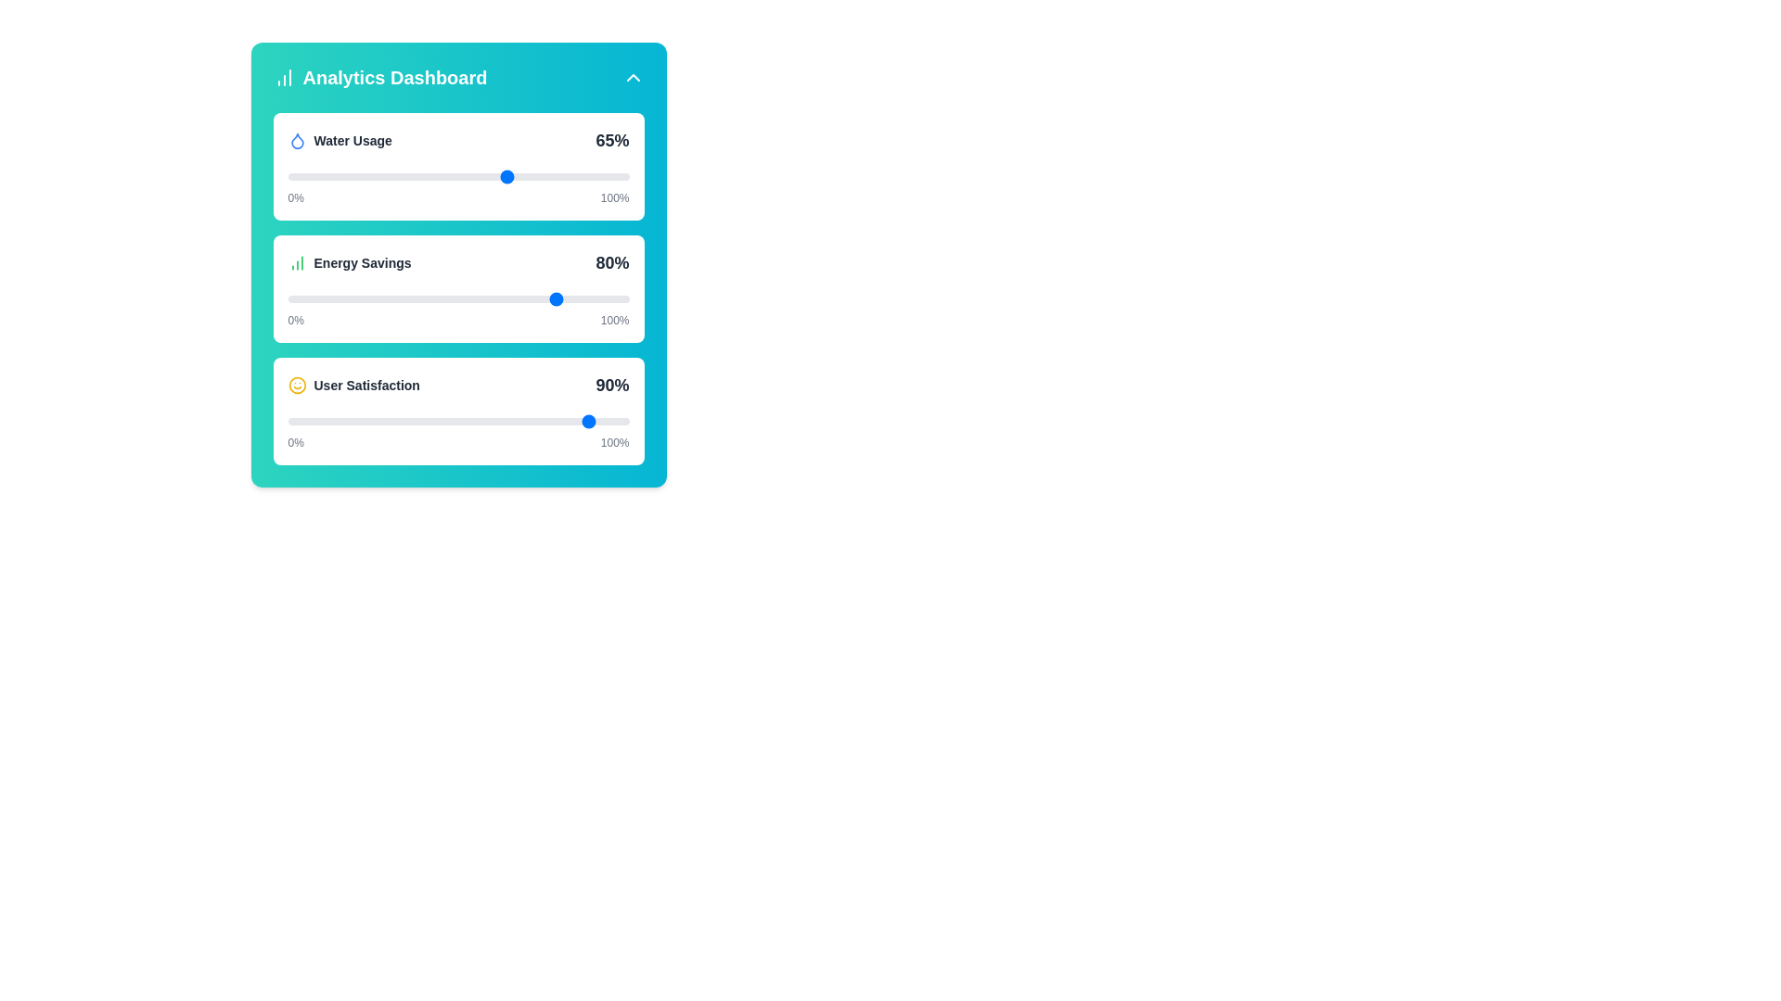 Image resolution: width=1781 pixels, height=1001 pixels. What do you see at coordinates (532, 177) in the screenshot?
I see `the water usage slider` at bounding box center [532, 177].